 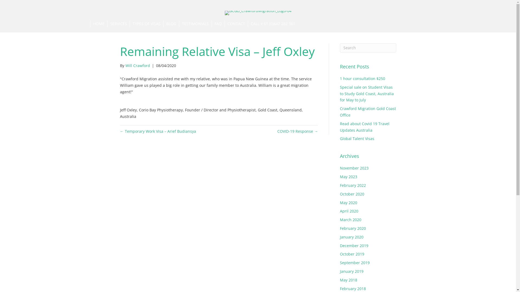 I want to click on 'January 2019', so click(x=352, y=271).